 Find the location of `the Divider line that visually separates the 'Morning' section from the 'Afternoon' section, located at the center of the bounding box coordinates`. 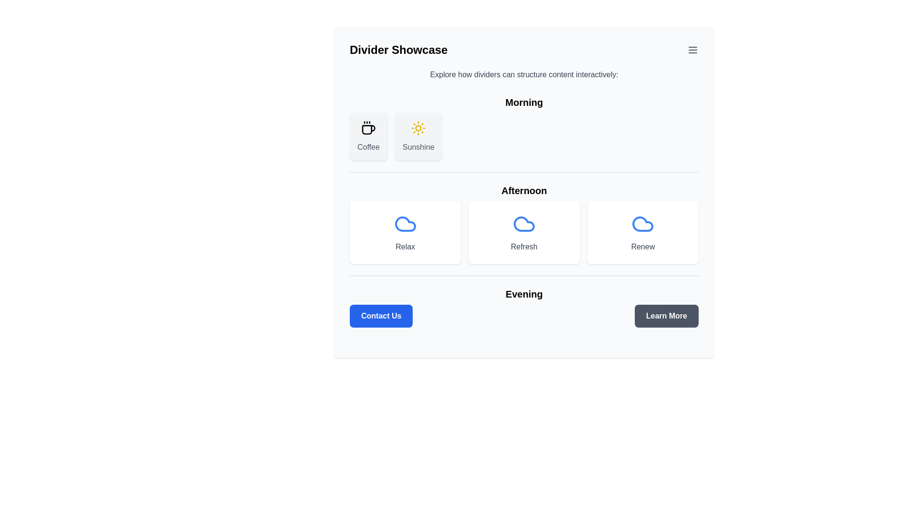

the Divider line that visually separates the 'Morning' section from the 'Afternoon' section, located at the center of the bounding box coordinates is located at coordinates (523, 172).